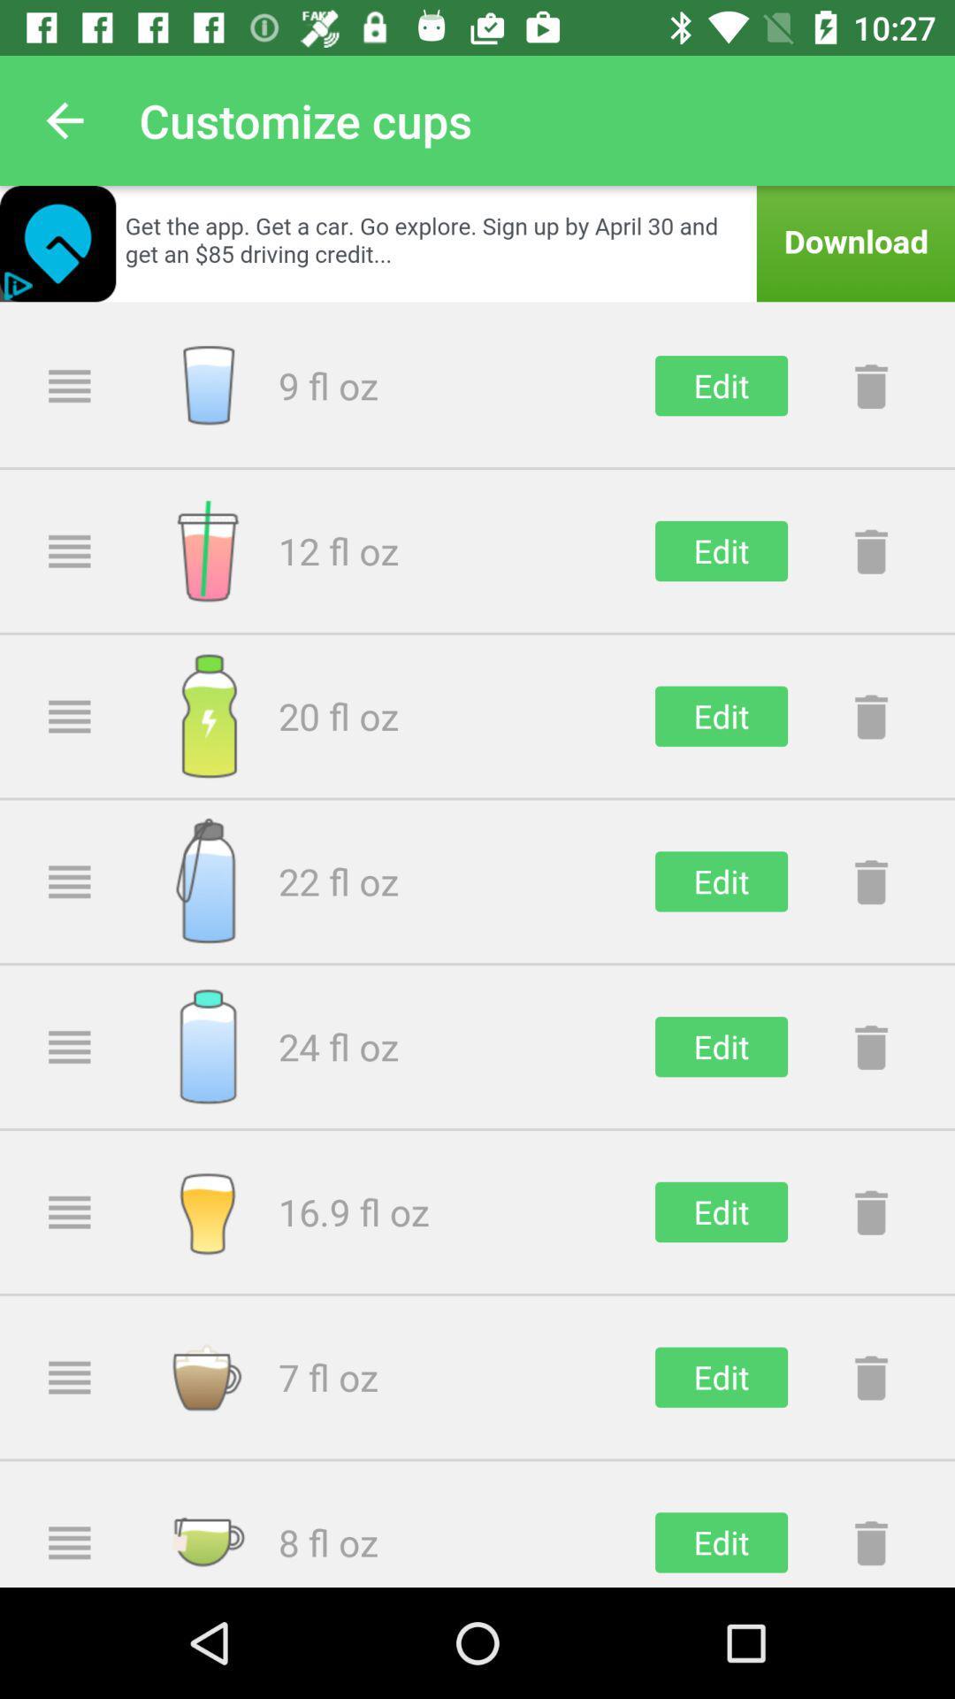  I want to click on delete page, so click(870, 881).